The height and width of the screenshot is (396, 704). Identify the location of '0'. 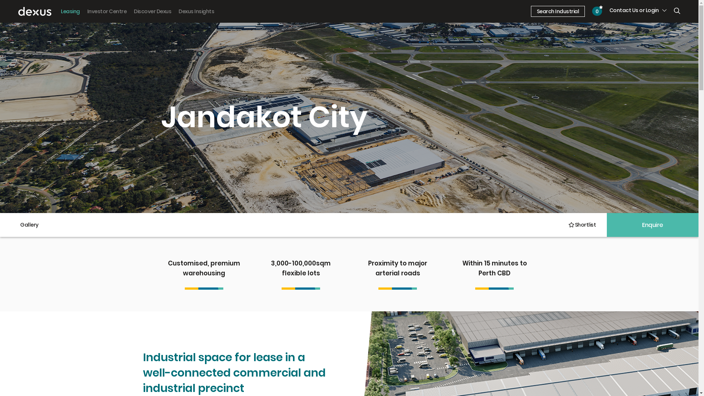
(597, 11).